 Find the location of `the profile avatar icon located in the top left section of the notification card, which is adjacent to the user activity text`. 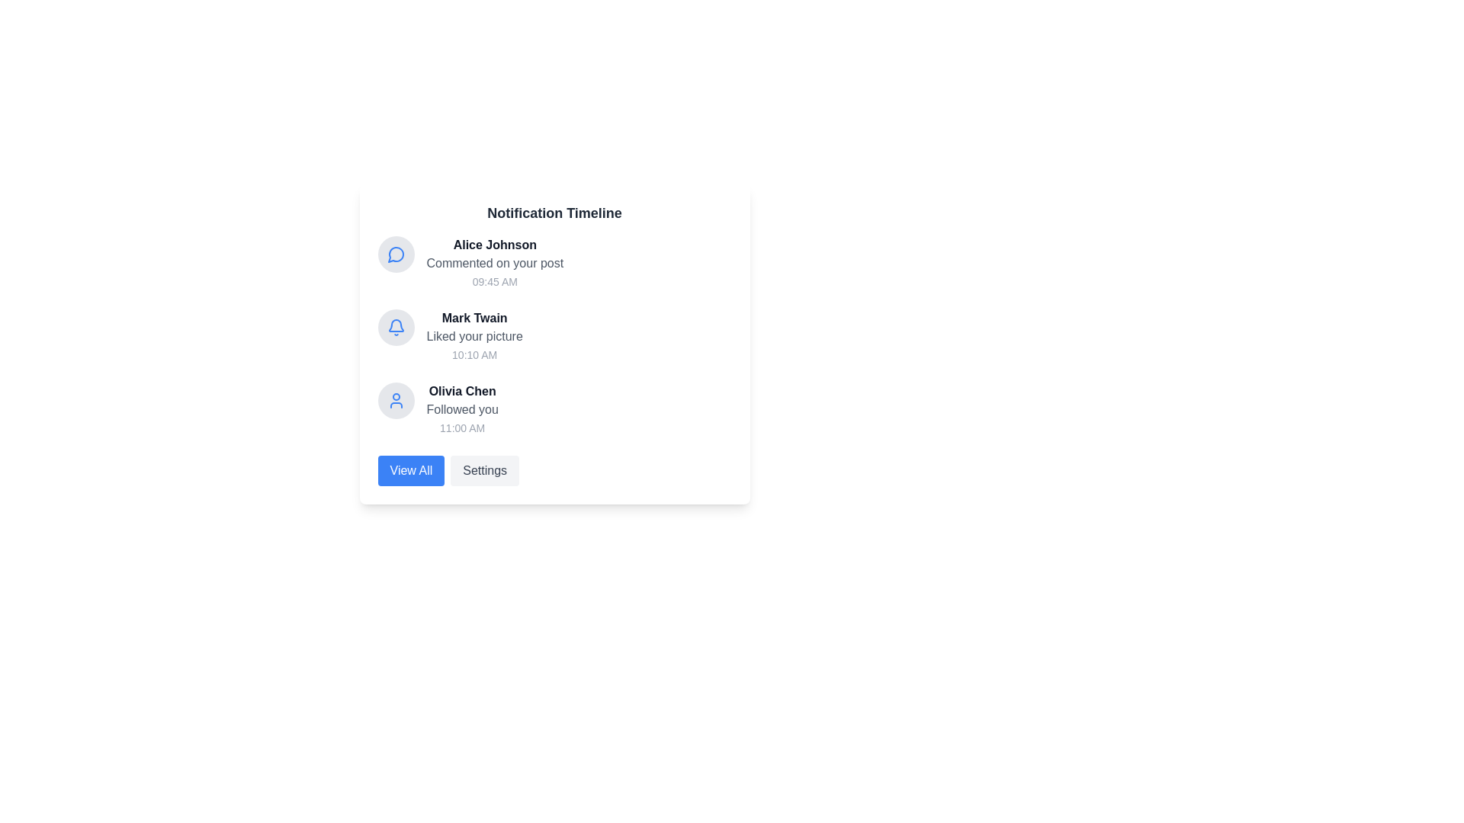

the profile avatar icon located in the top left section of the notification card, which is adjacent to the user activity text is located at coordinates (396, 399).